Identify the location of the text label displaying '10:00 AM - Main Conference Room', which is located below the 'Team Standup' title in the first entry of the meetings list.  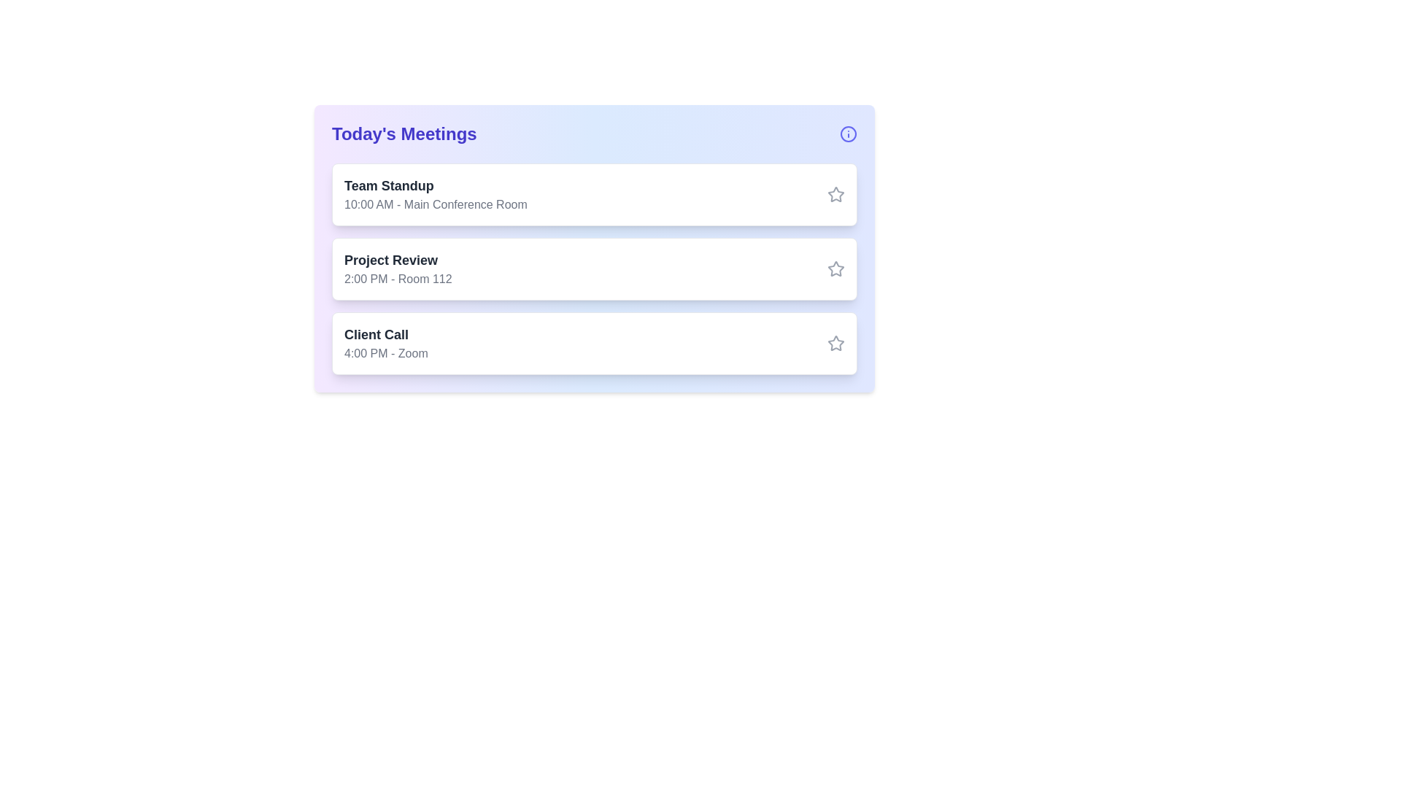
(435, 205).